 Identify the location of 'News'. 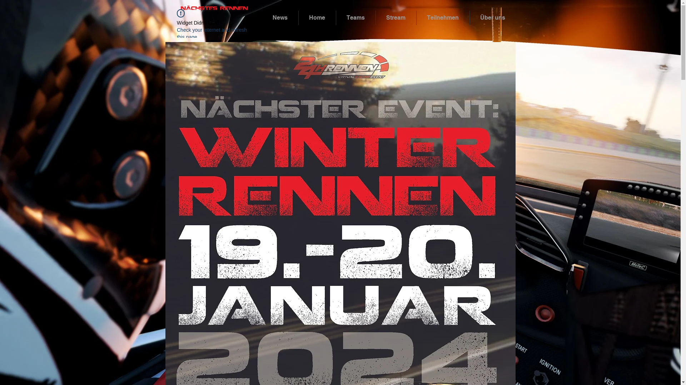
(280, 17).